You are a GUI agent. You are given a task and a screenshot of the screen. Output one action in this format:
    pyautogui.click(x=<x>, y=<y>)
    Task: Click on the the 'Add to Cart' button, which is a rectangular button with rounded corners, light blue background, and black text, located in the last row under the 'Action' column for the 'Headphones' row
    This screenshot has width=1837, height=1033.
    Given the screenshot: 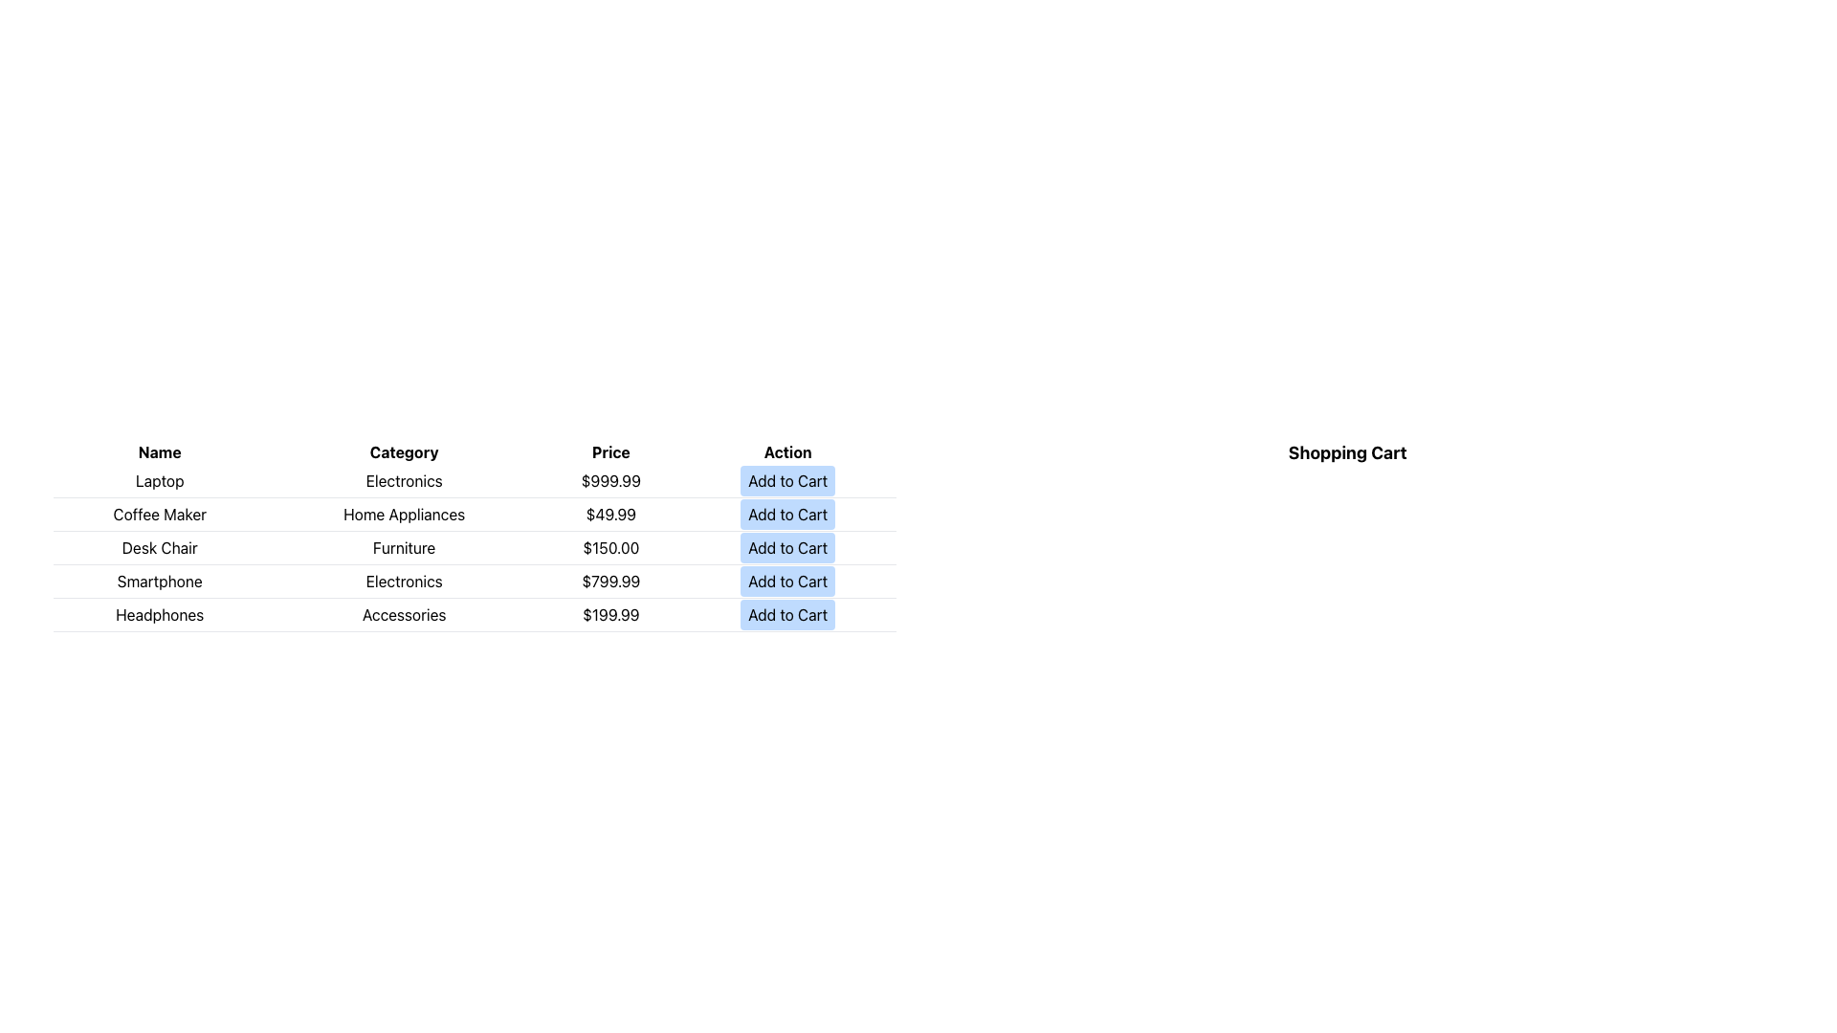 What is the action you would take?
    pyautogui.click(x=787, y=615)
    